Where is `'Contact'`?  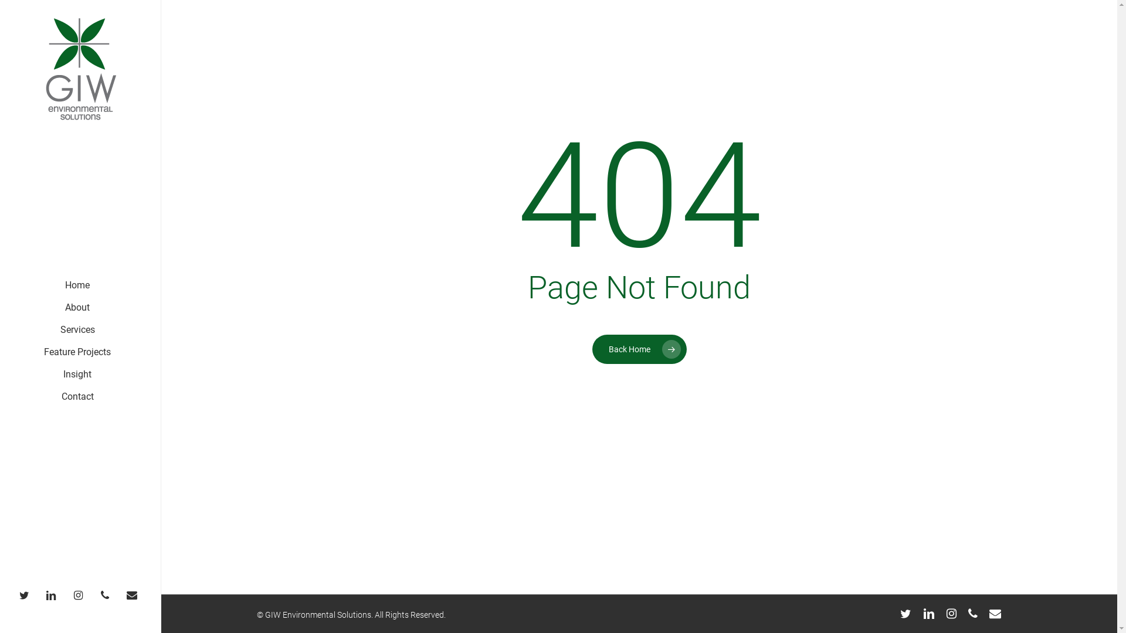 'Contact' is located at coordinates (60, 396).